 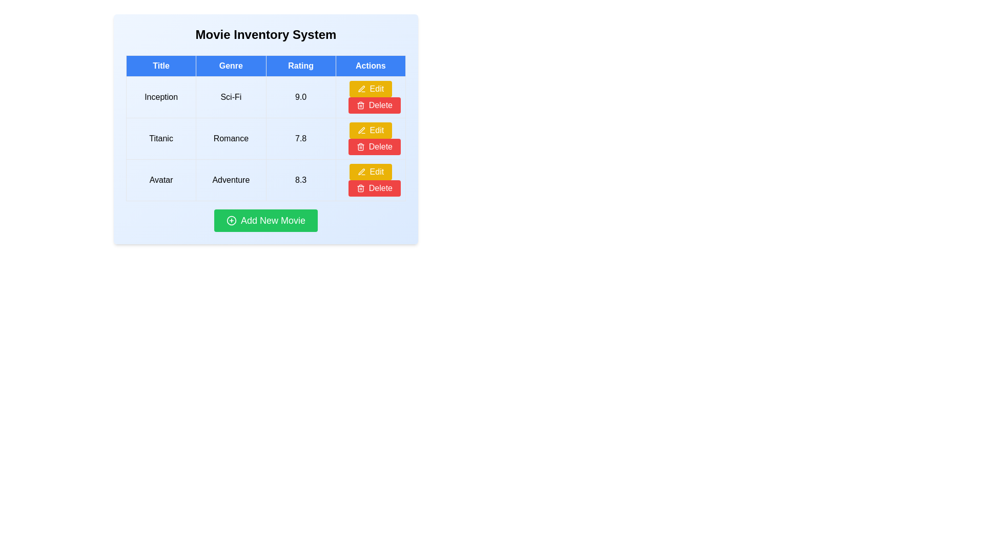 What do you see at coordinates (361, 171) in the screenshot?
I see `the small pen icon located in the third row under the 'Actions' column, which is part of the yellow 'Edit' button next to the text 'Edit'` at bounding box center [361, 171].